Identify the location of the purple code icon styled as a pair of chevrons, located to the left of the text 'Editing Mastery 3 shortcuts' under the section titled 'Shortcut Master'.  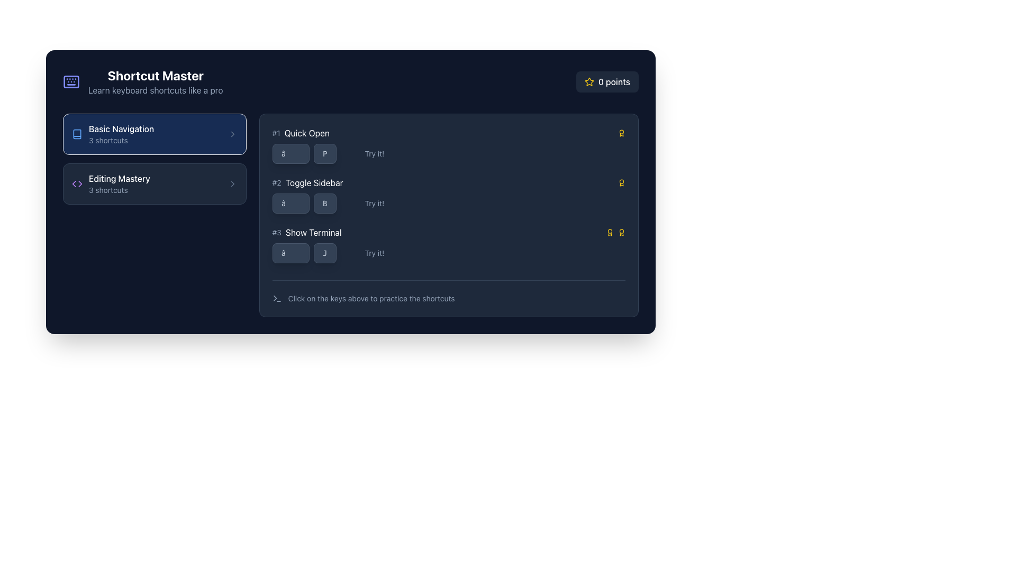
(76, 183).